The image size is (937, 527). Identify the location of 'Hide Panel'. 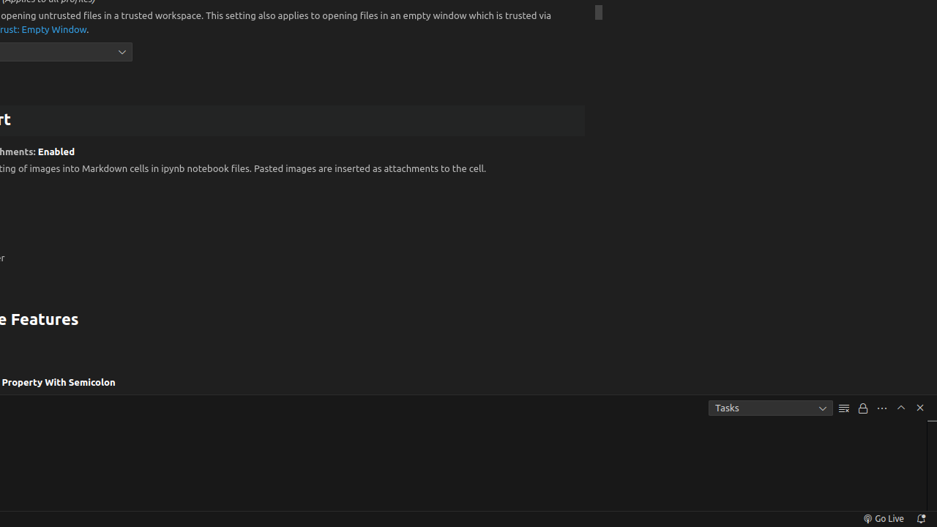
(919, 407).